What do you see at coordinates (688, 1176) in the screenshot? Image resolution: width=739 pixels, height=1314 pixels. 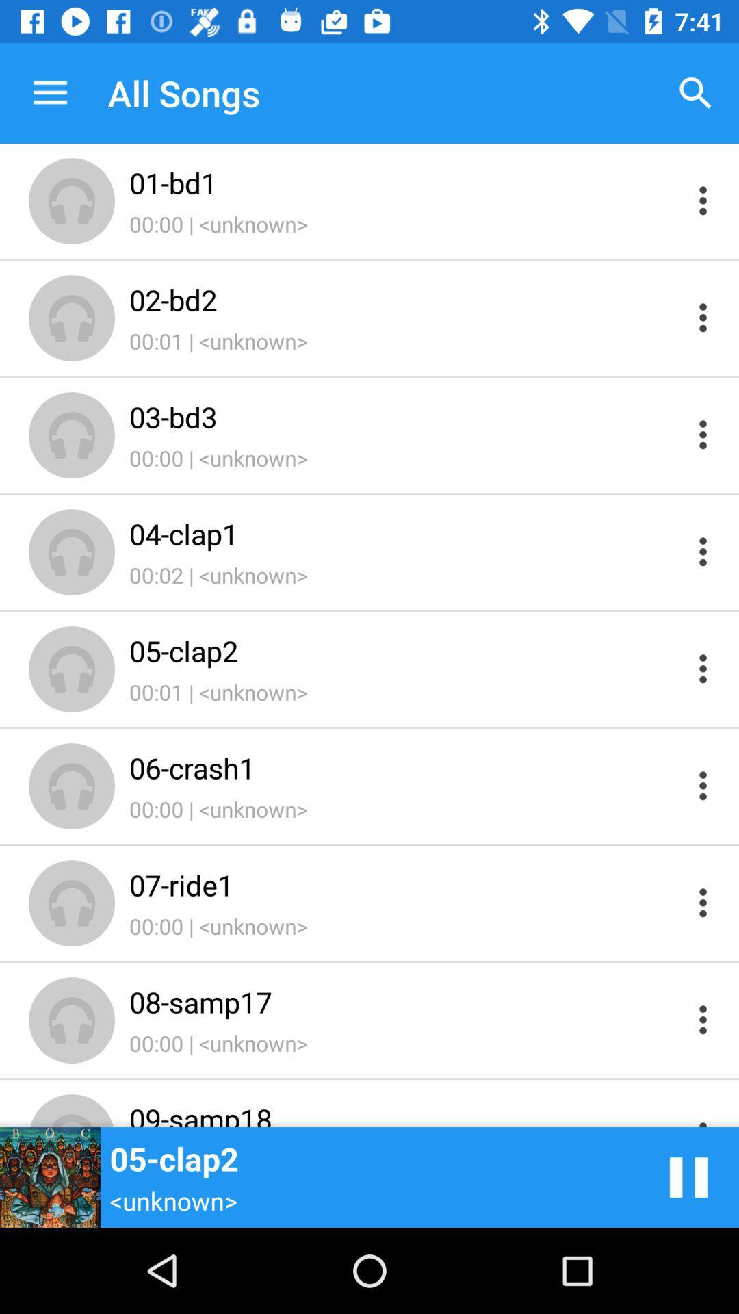 I see `pause song` at bounding box center [688, 1176].